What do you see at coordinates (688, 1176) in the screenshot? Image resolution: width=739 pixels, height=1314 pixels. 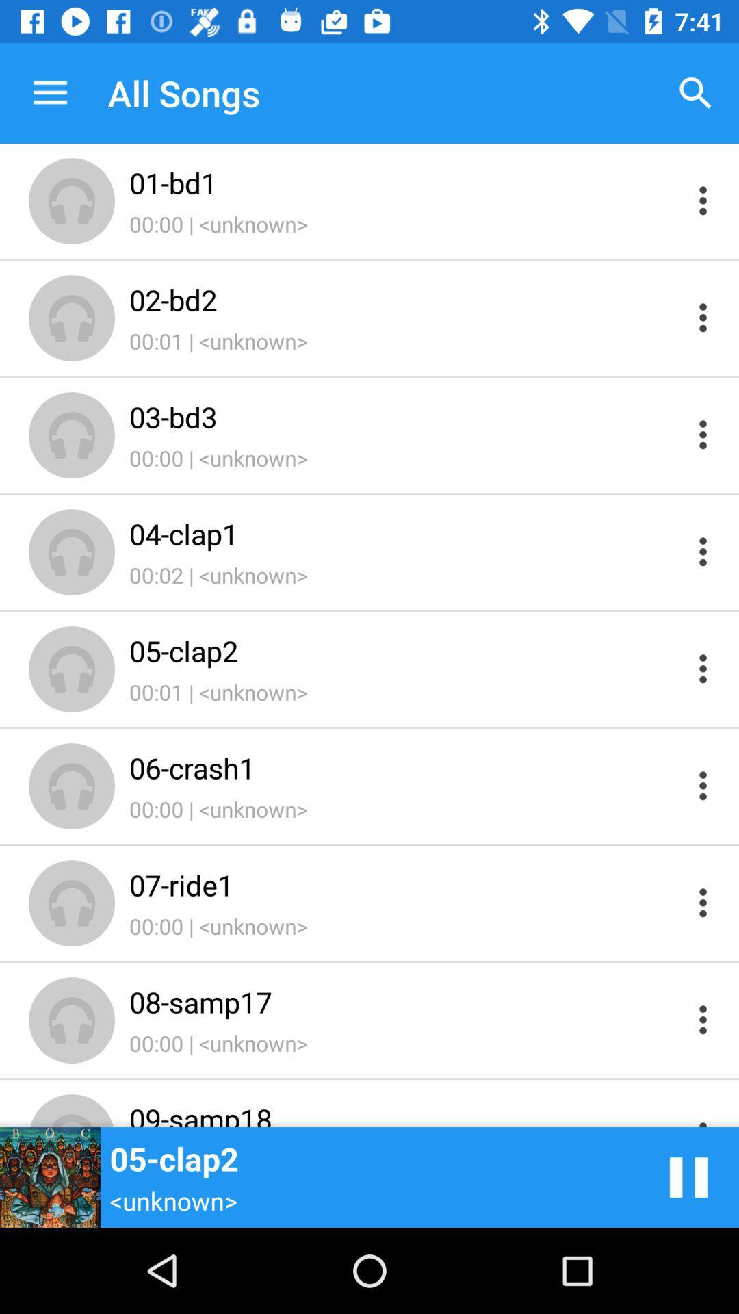 I see `pause song` at bounding box center [688, 1176].